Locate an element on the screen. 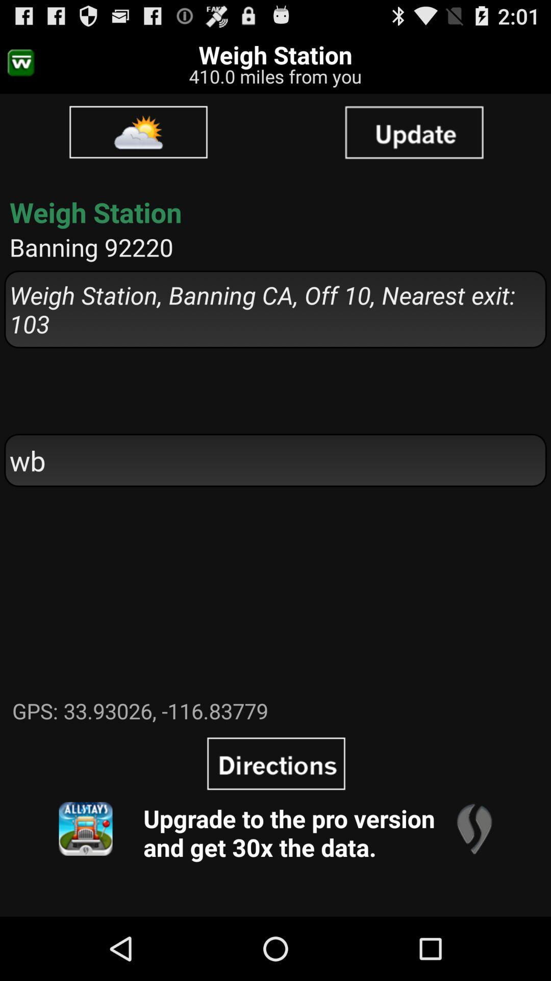 This screenshot has width=551, height=981. the icon below the gps 33 93026 is located at coordinates (276, 763).